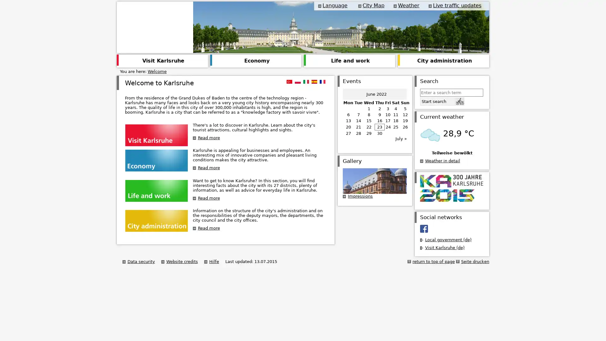 The image size is (606, 341). Describe the element at coordinates (442, 101) in the screenshot. I see `Start search` at that location.